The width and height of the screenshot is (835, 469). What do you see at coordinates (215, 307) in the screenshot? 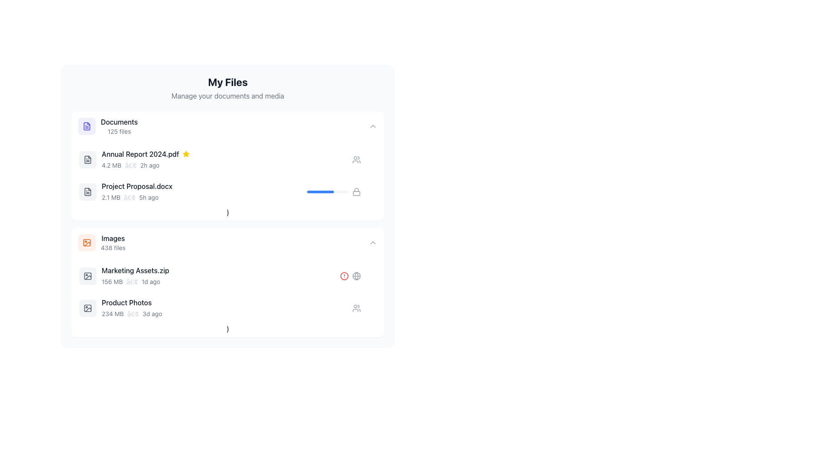
I see `the 'Product Photos' file list item` at bounding box center [215, 307].